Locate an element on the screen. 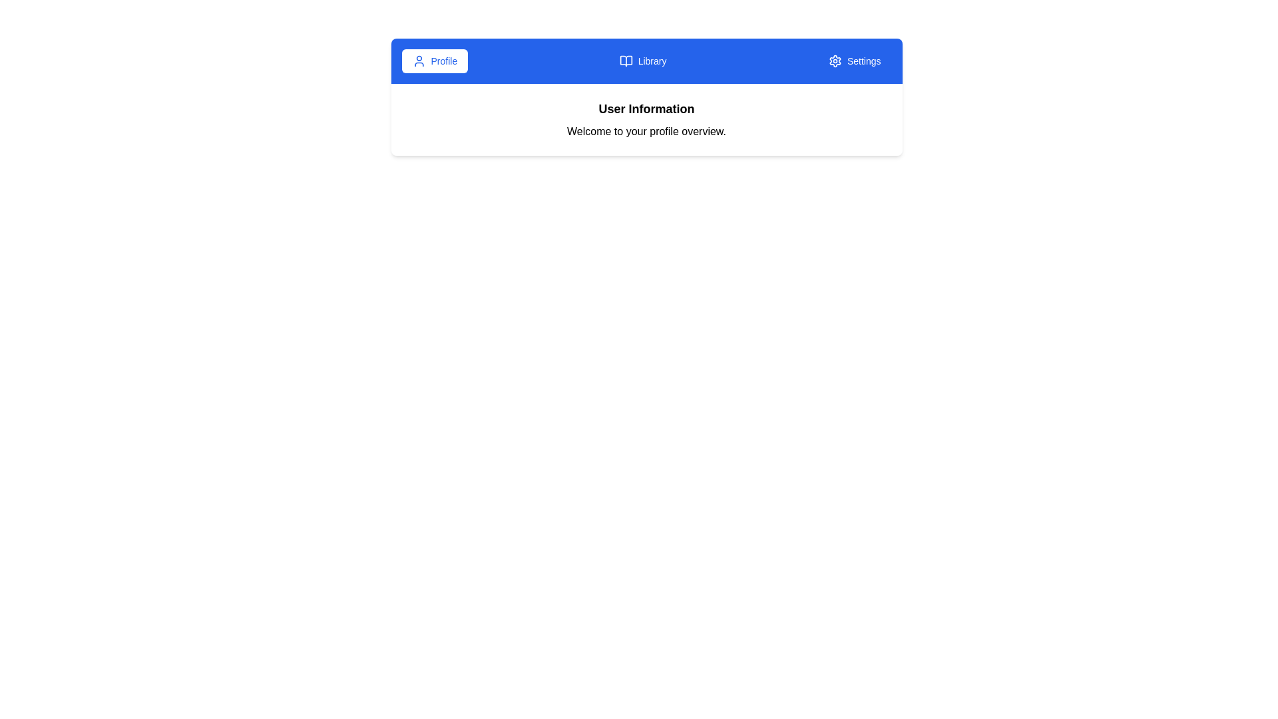  the 'Library' icon located in the top navigation bar, positioned to the left of the text 'Library' is located at coordinates (625, 61).